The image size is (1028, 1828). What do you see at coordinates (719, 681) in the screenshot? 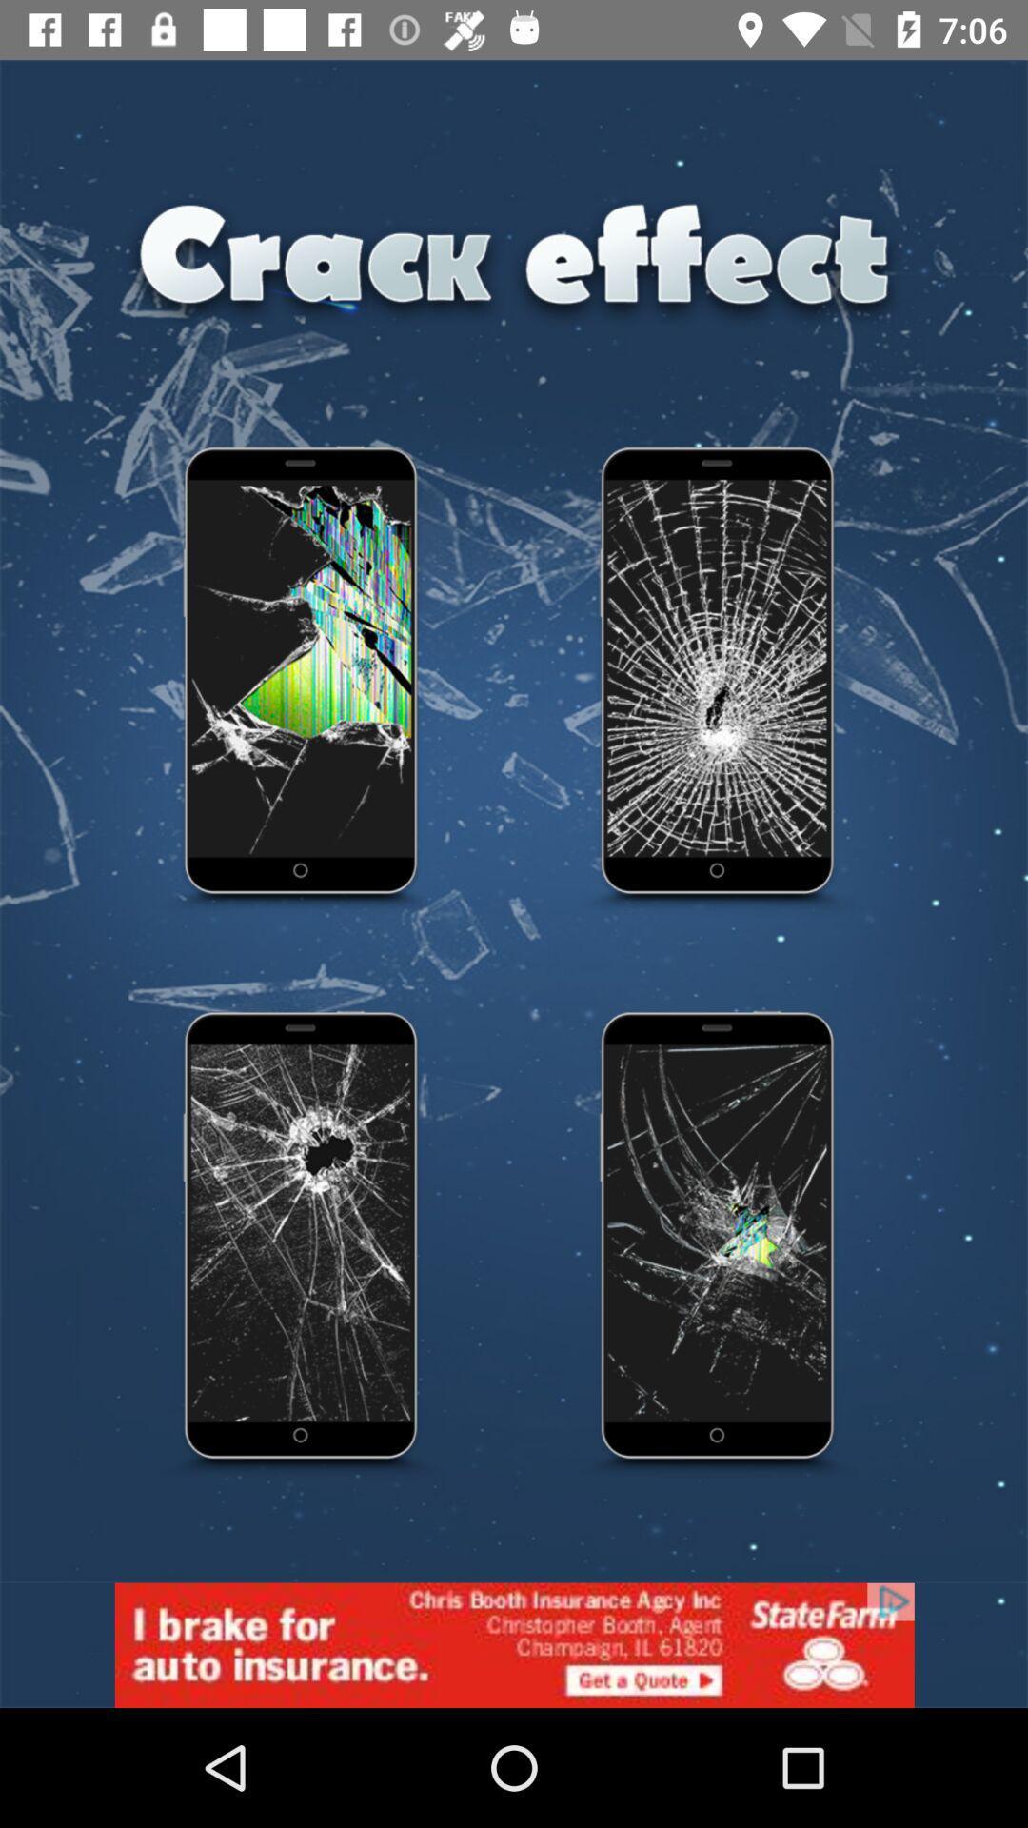
I see `crack effect option` at bounding box center [719, 681].